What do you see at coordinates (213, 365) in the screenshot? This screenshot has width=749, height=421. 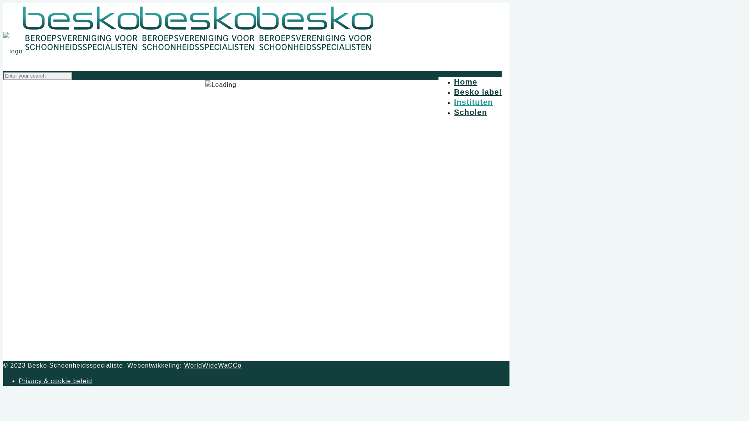 I see `'WorldWideWaCCo'` at bounding box center [213, 365].